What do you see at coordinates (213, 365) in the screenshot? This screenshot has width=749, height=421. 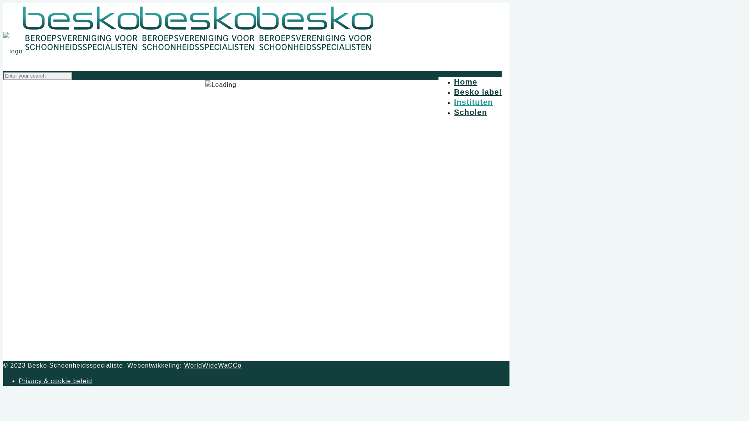 I see `'WorldWideWaCCo'` at bounding box center [213, 365].